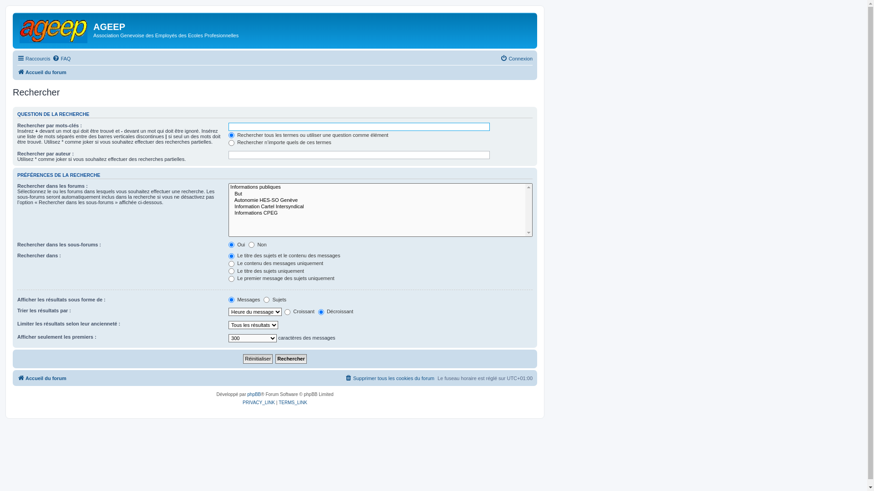  Describe the element at coordinates (41, 378) in the screenshot. I see `'Accueil du forum'` at that location.